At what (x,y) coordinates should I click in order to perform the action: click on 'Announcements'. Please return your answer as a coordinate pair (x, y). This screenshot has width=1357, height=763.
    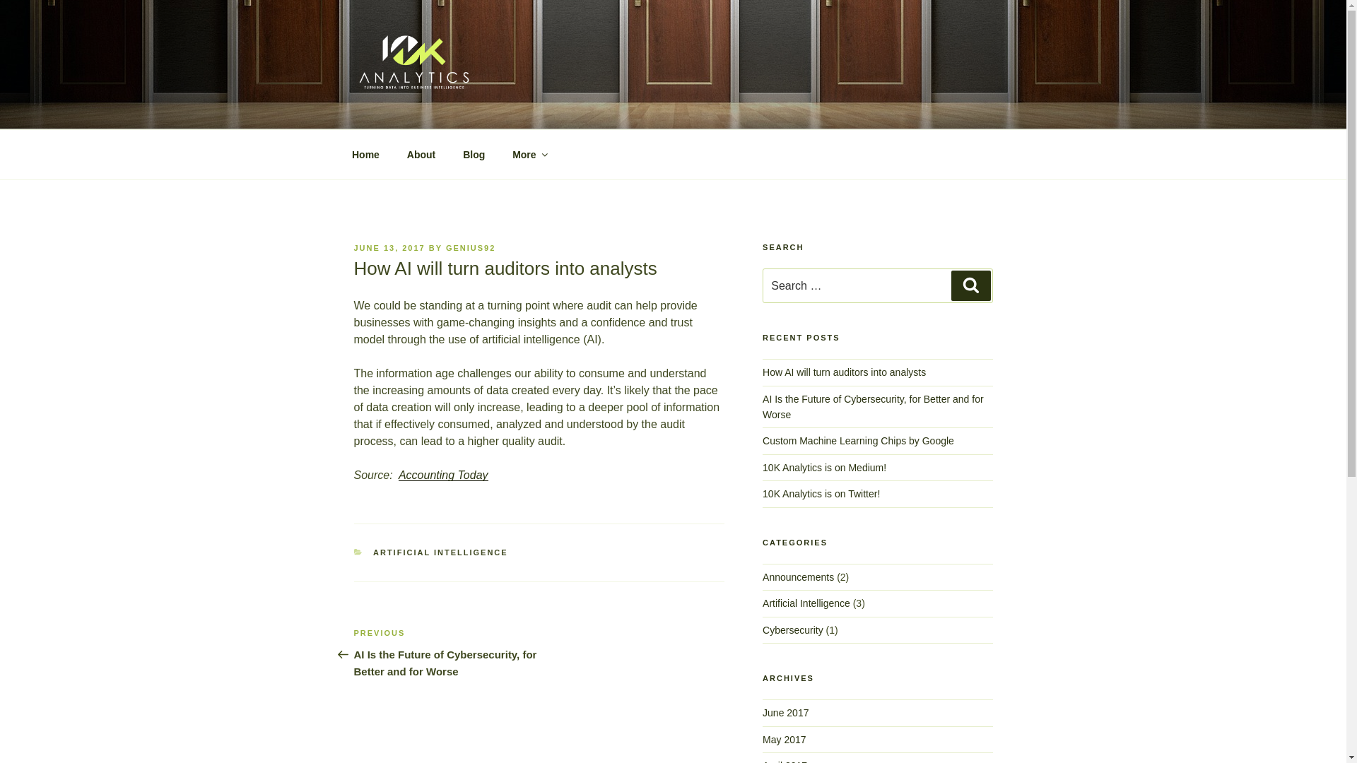
    Looking at the image, I should click on (798, 577).